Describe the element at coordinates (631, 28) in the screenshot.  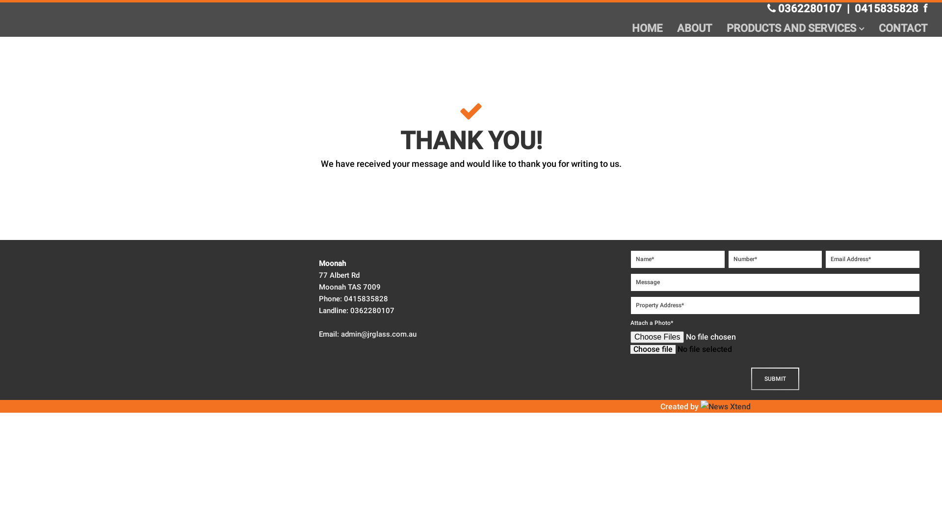
I see `'HOME'` at that location.